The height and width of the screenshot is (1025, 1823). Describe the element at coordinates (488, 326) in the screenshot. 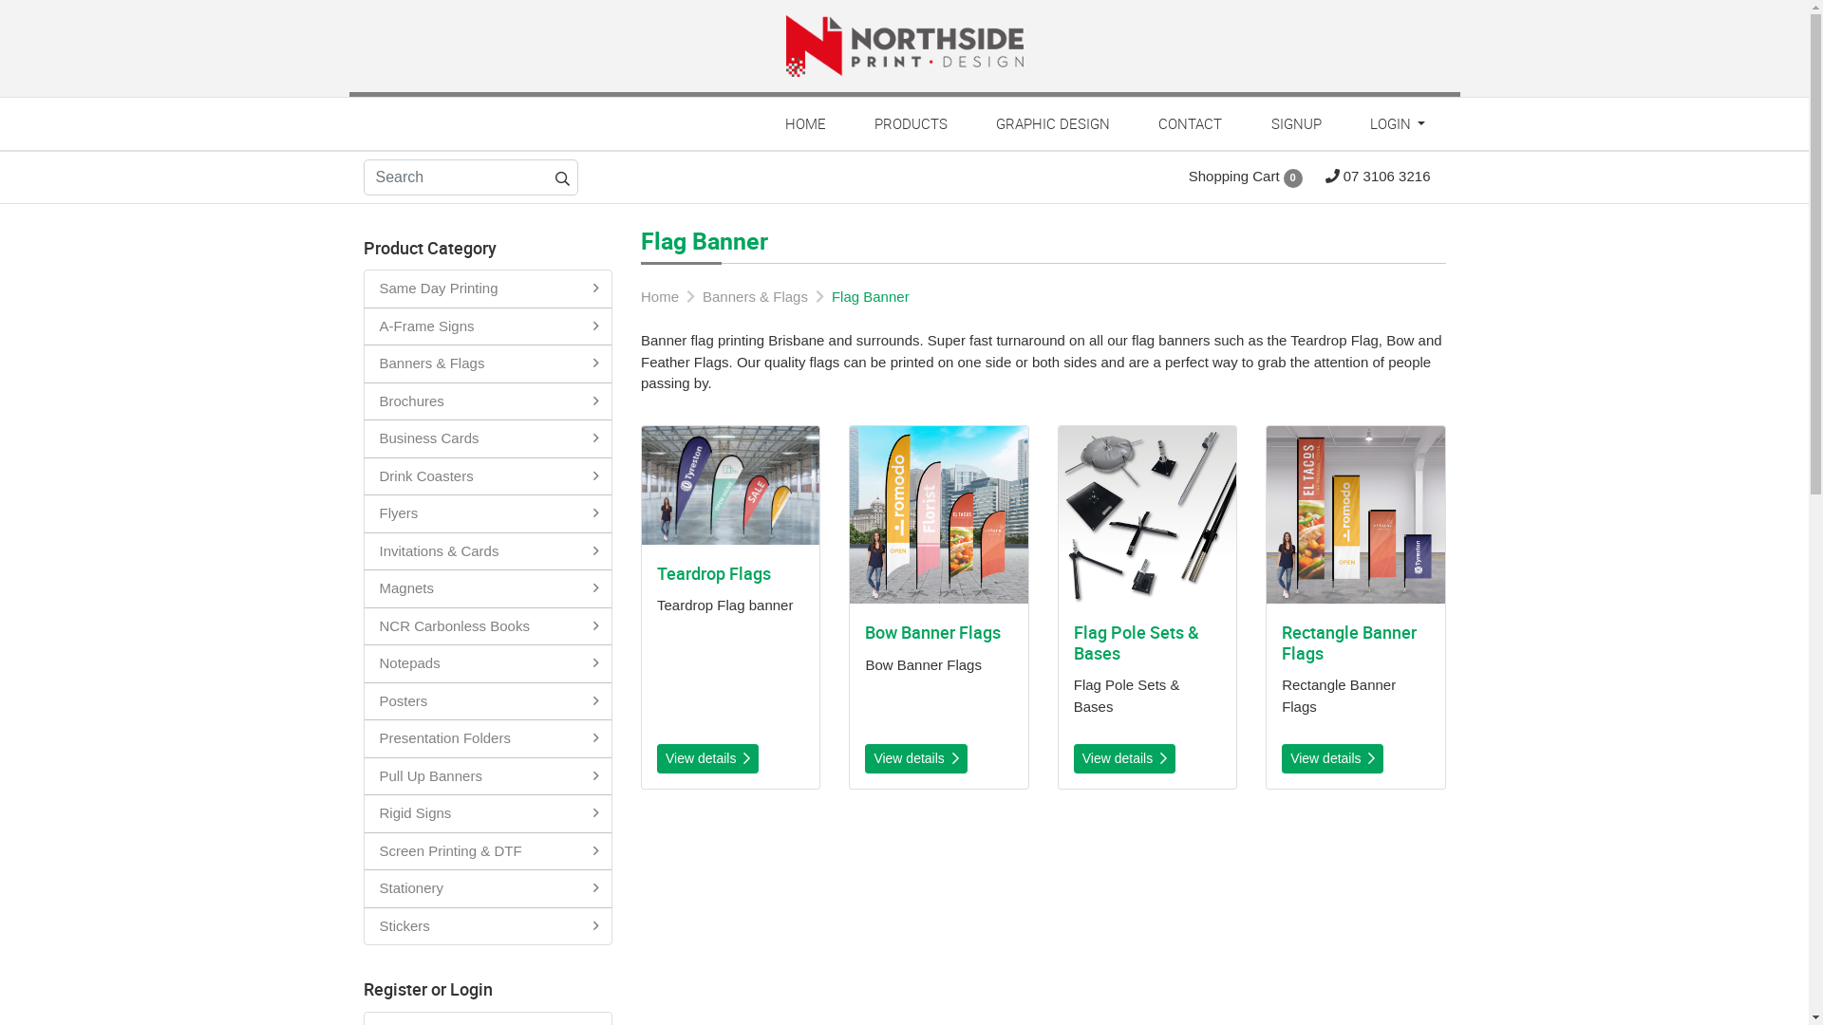

I see `'A-Frame Signs'` at that location.